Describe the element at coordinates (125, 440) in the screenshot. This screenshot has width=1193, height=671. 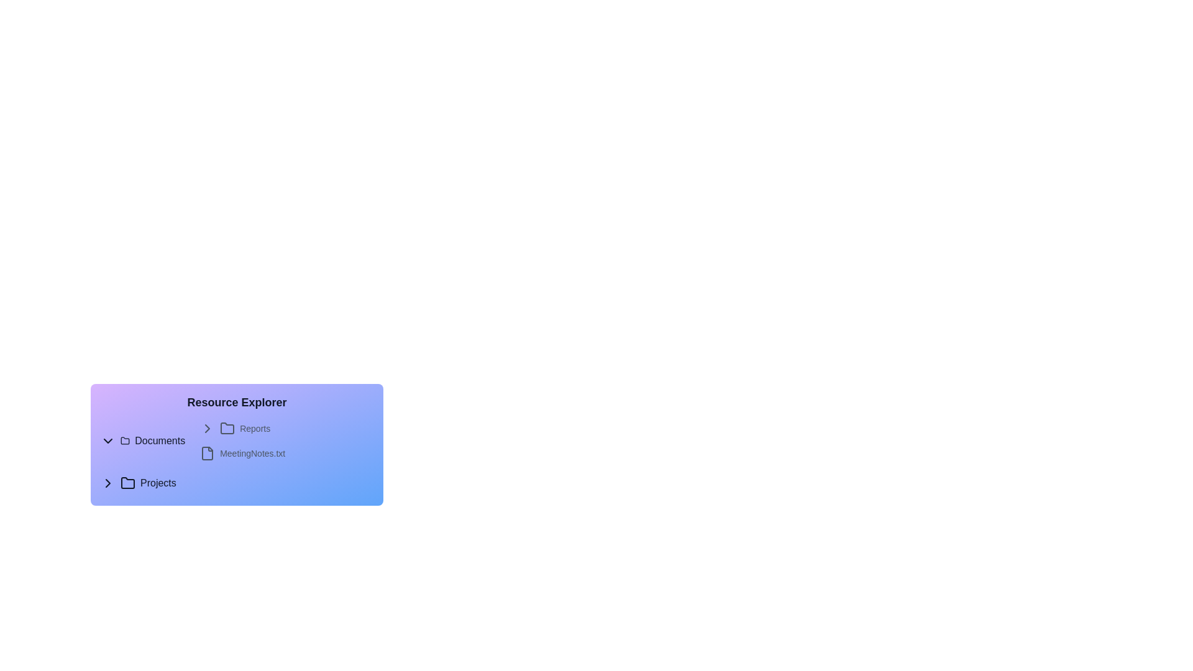
I see `the folder icon representing the 'Documents' section, which is located immediately before the 'Documents' text label in the hierarchical list` at that location.